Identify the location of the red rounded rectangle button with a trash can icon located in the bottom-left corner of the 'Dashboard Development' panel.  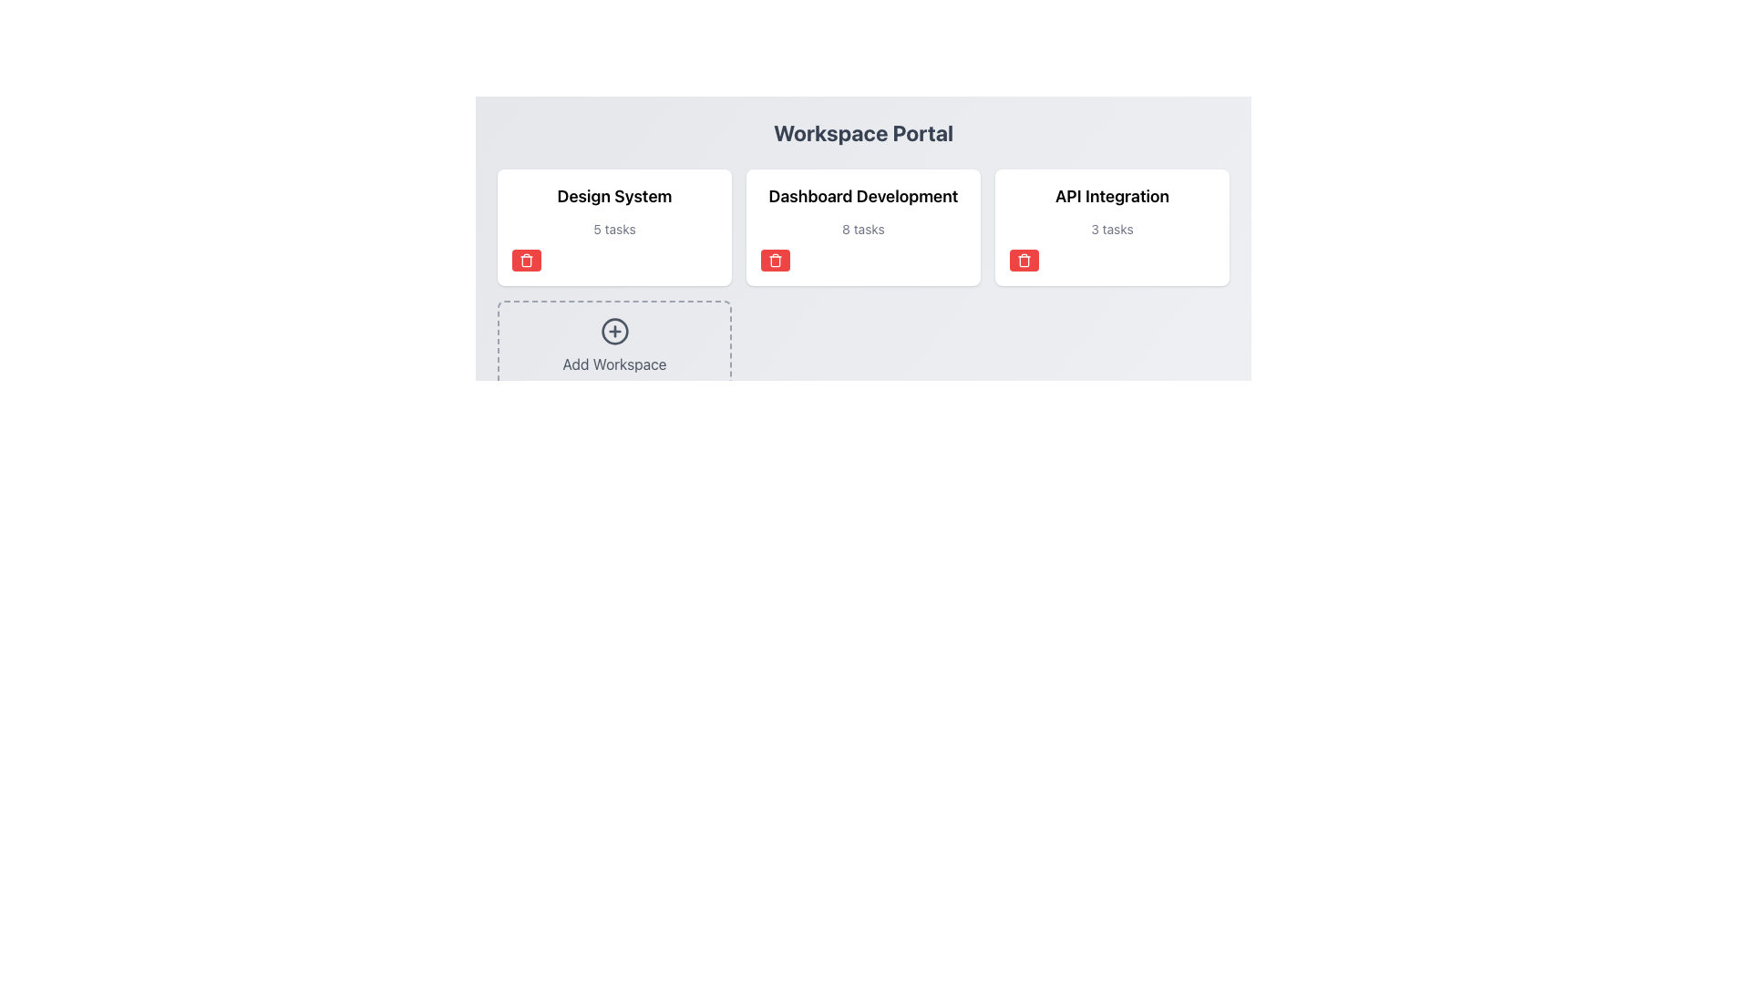
(775, 260).